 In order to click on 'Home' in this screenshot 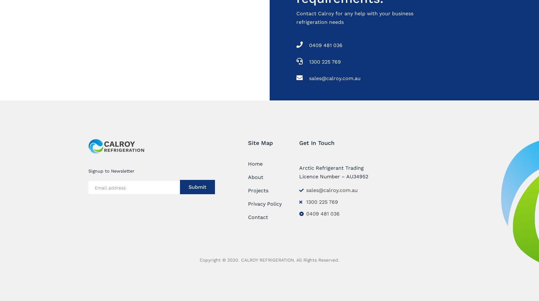, I will do `click(247, 163)`.